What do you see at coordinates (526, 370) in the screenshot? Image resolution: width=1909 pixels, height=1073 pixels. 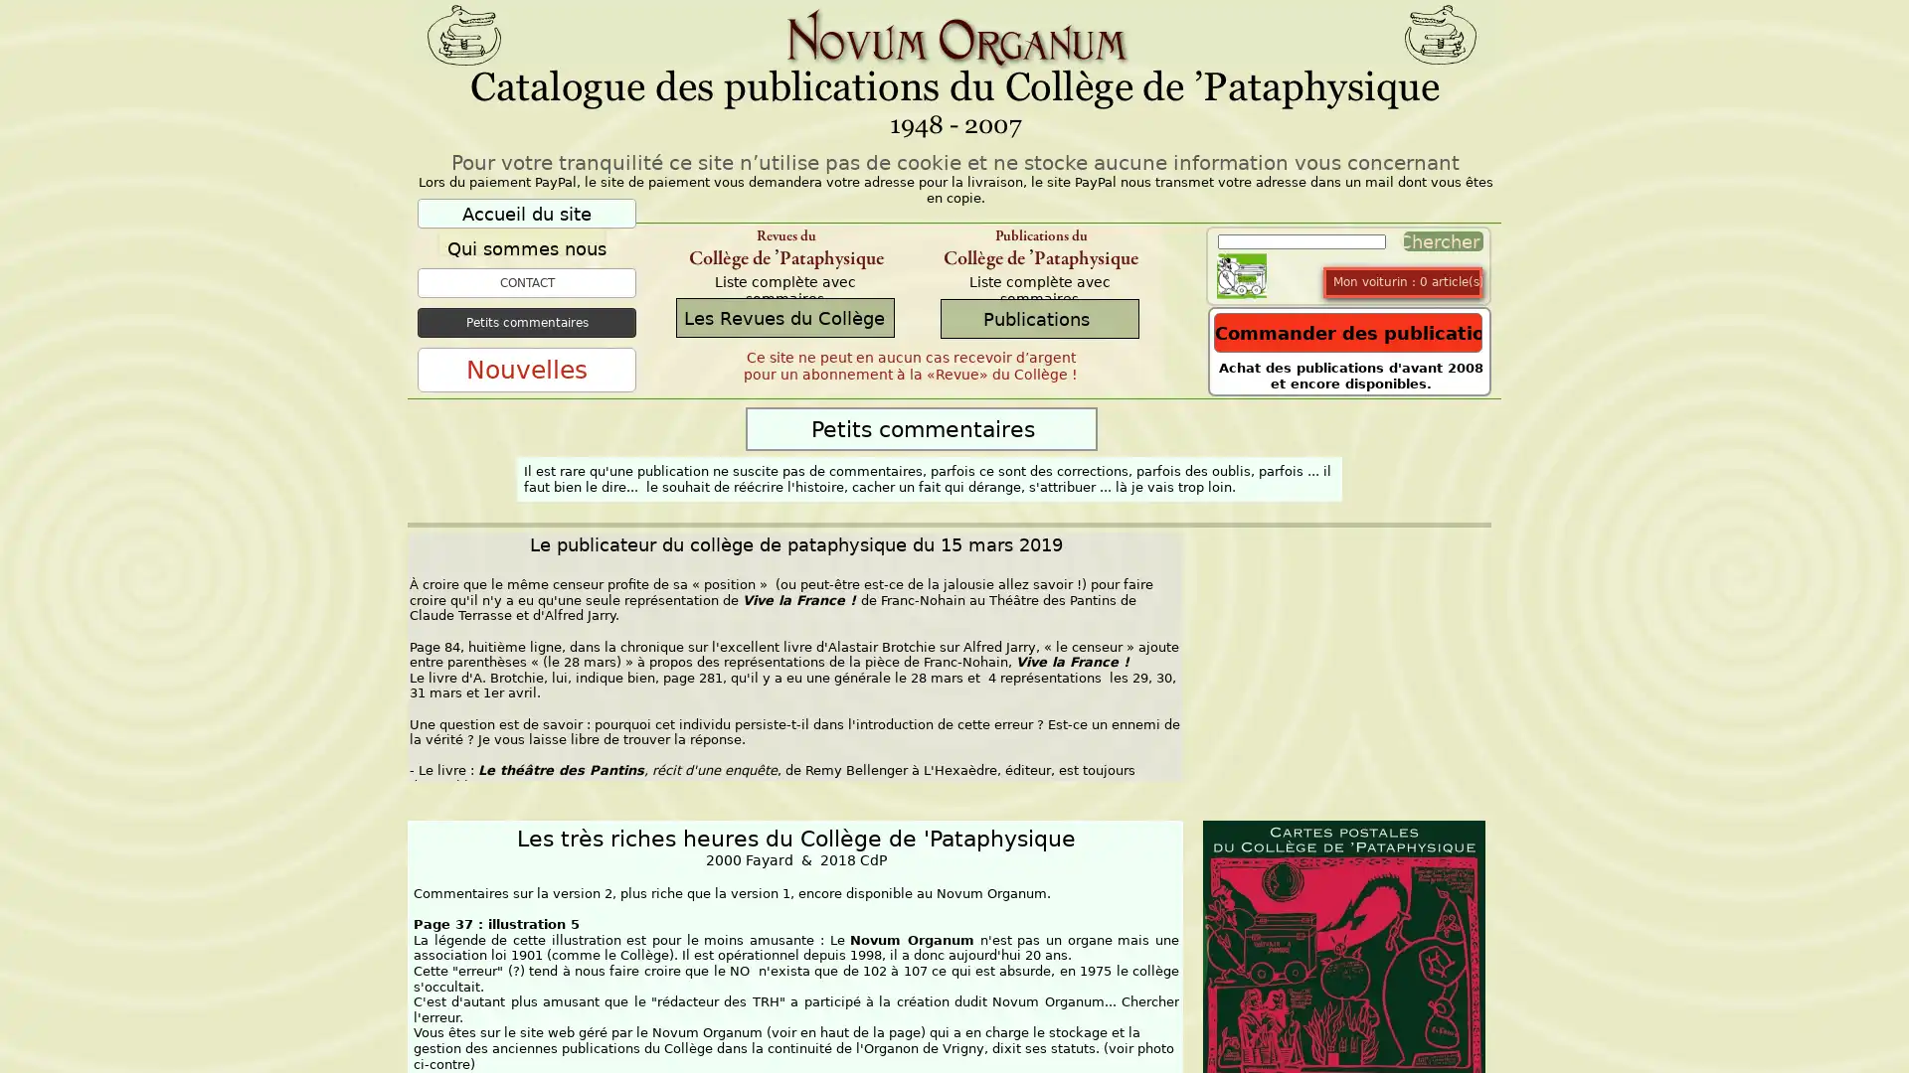 I see `Nouvelles` at bounding box center [526, 370].